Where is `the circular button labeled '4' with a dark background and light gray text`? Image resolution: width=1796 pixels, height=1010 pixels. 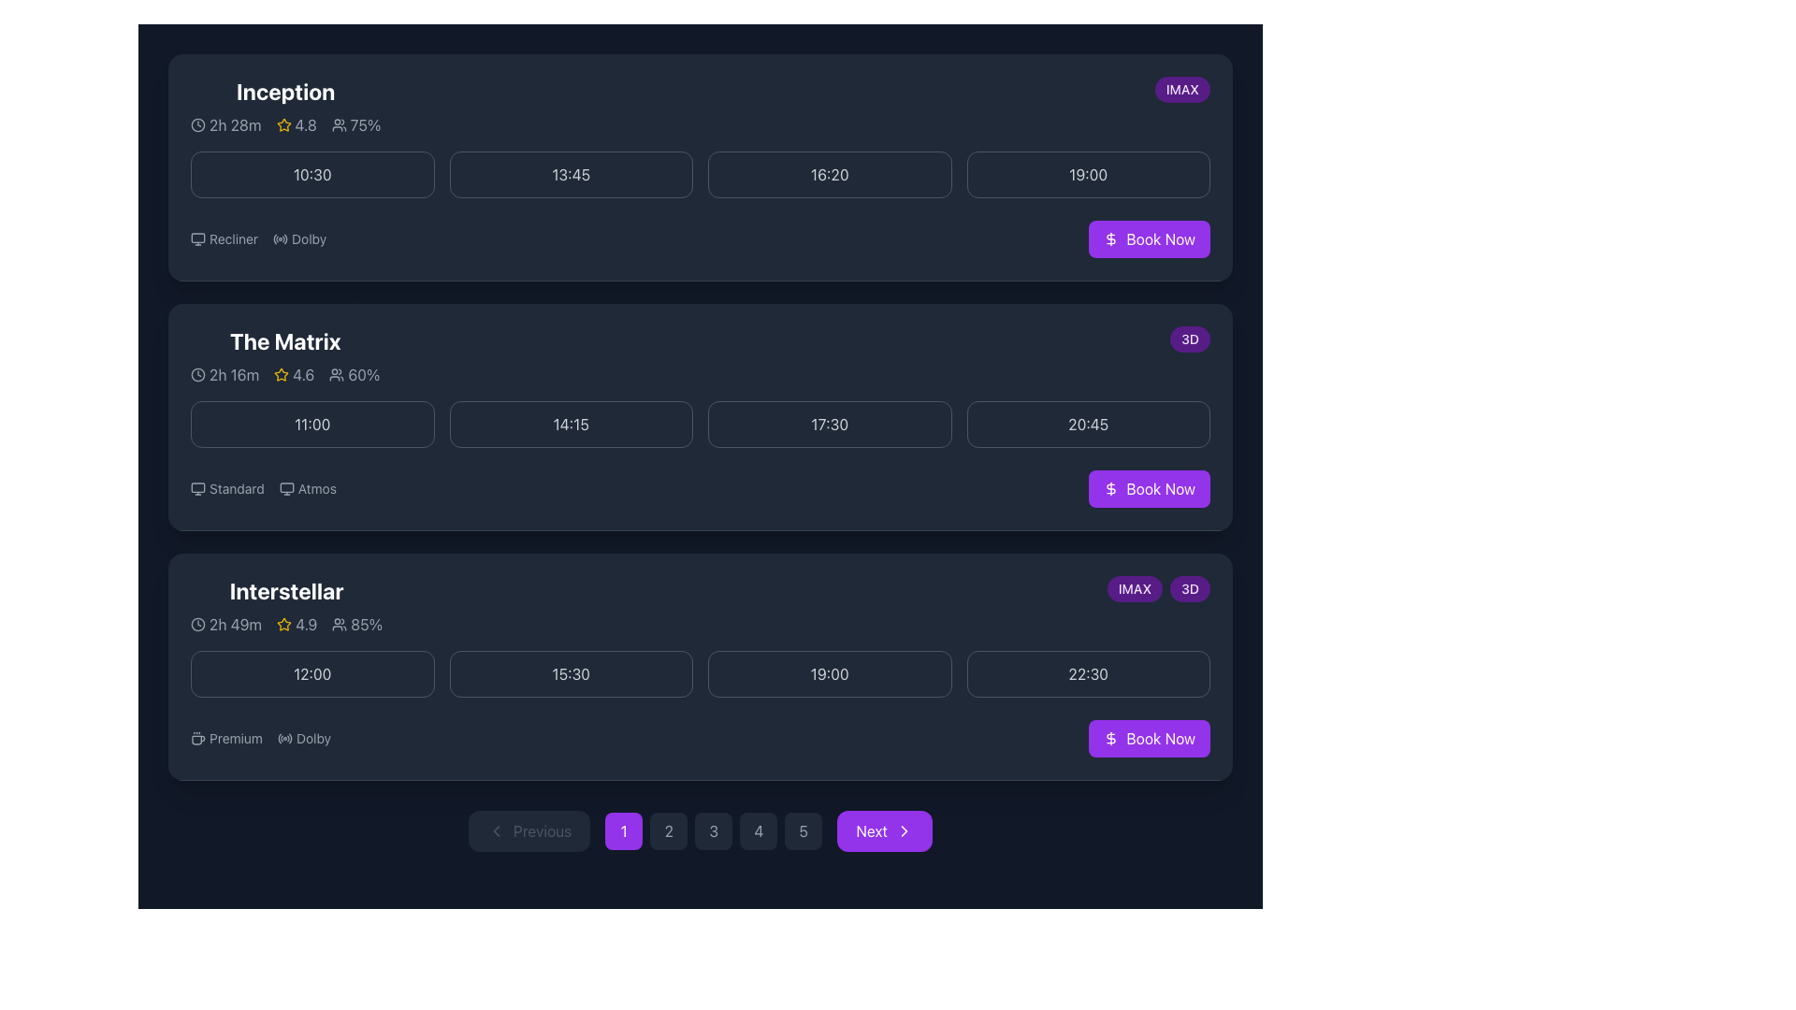 the circular button labeled '4' with a dark background and light gray text is located at coordinates (759, 830).